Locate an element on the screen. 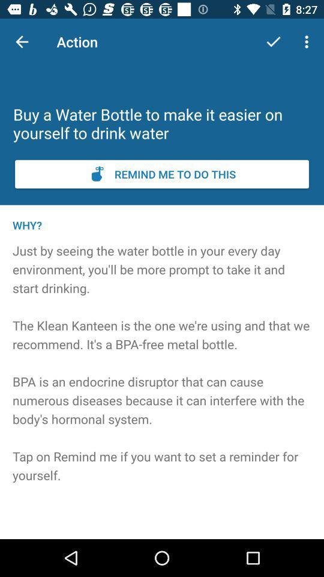  item above the buy a water icon is located at coordinates (22, 41).